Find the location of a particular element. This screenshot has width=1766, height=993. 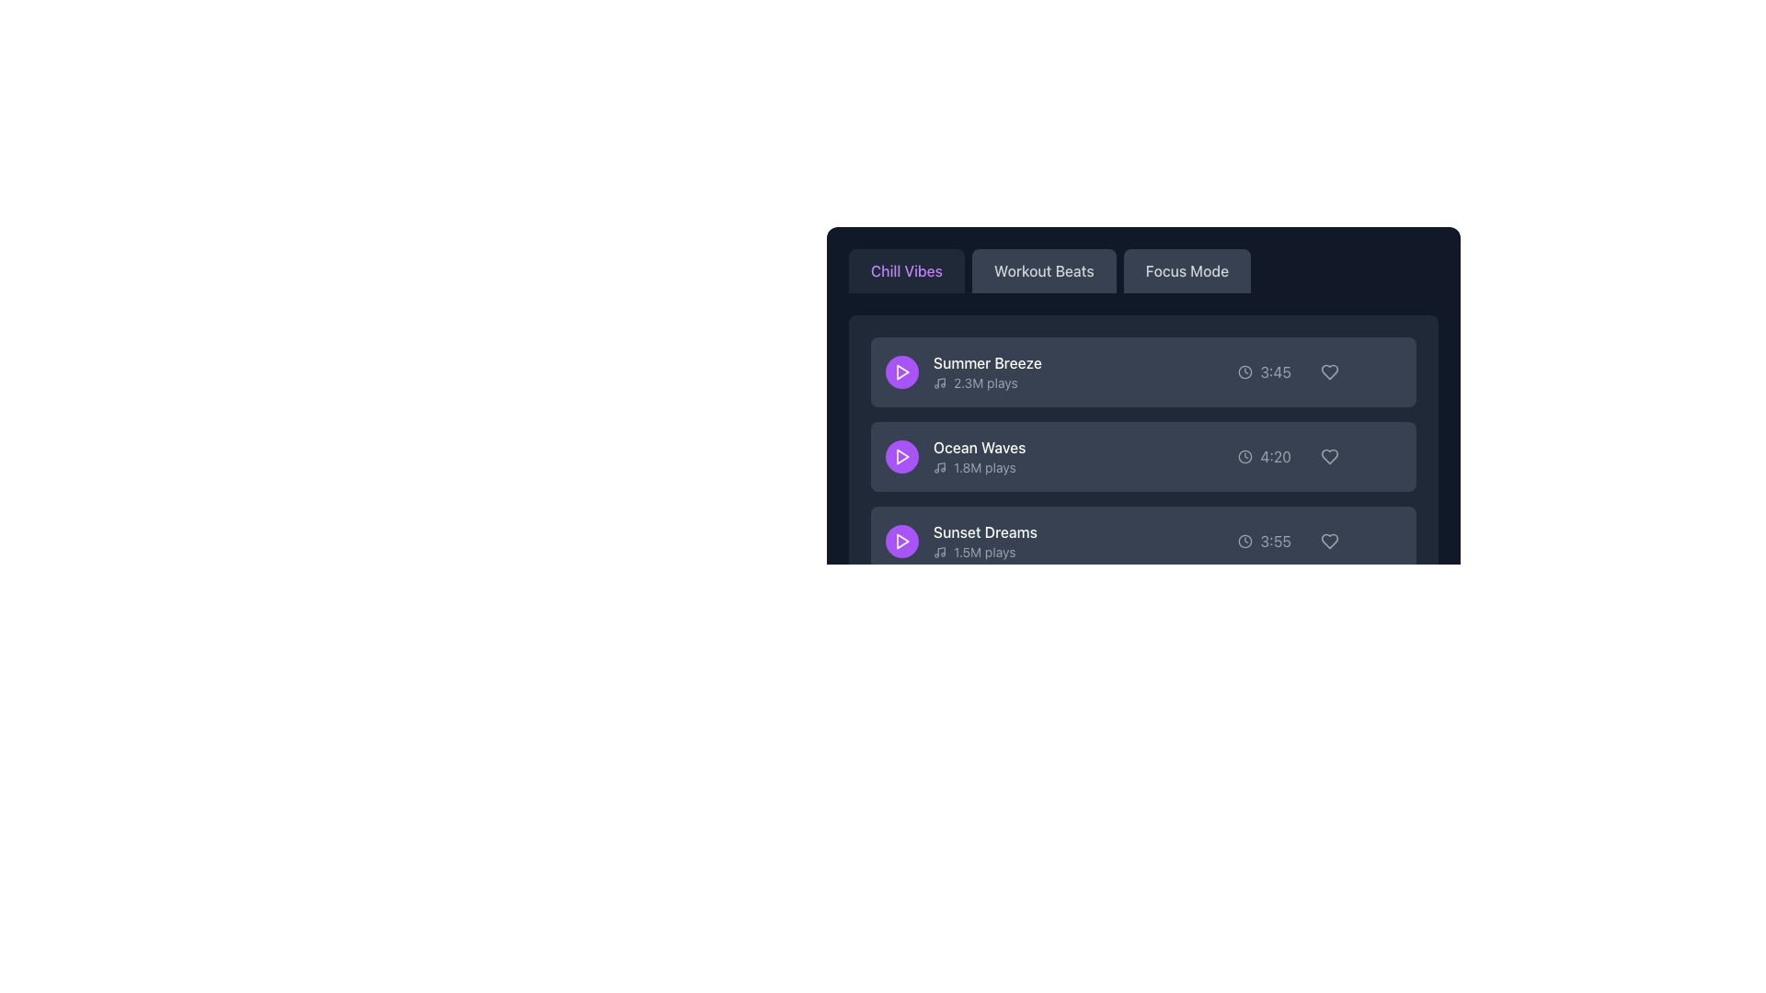

text label displaying '3:45' located adjacent to the clock icon on the dark background, which indicates the duration of the song 'Summer Breeze' is located at coordinates (1275, 372).